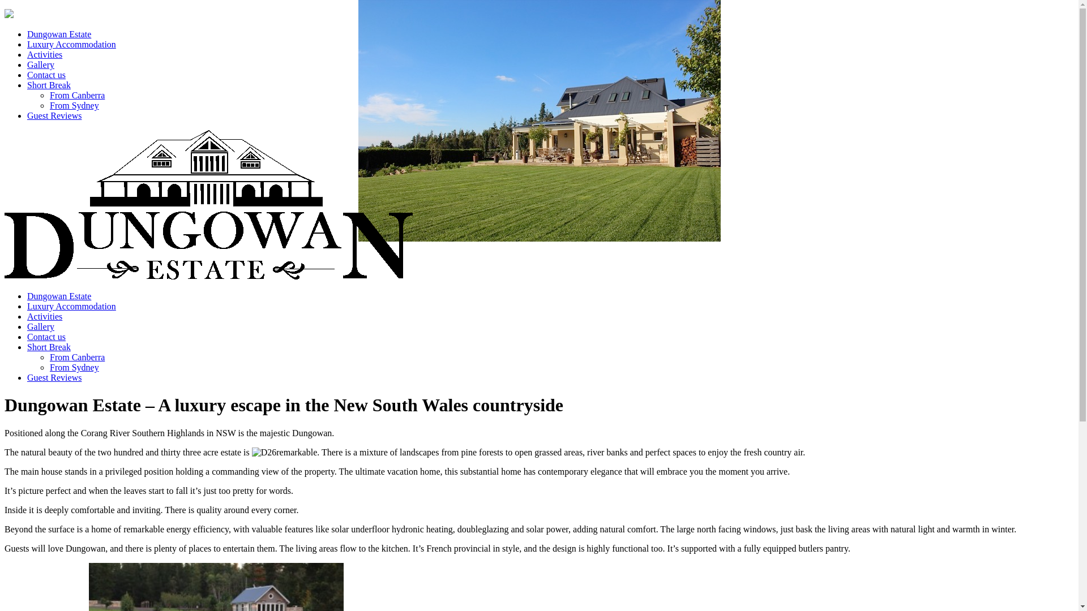 The image size is (1087, 611). What do you see at coordinates (48, 346) in the screenshot?
I see `'Short Break'` at bounding box center [48, 346].